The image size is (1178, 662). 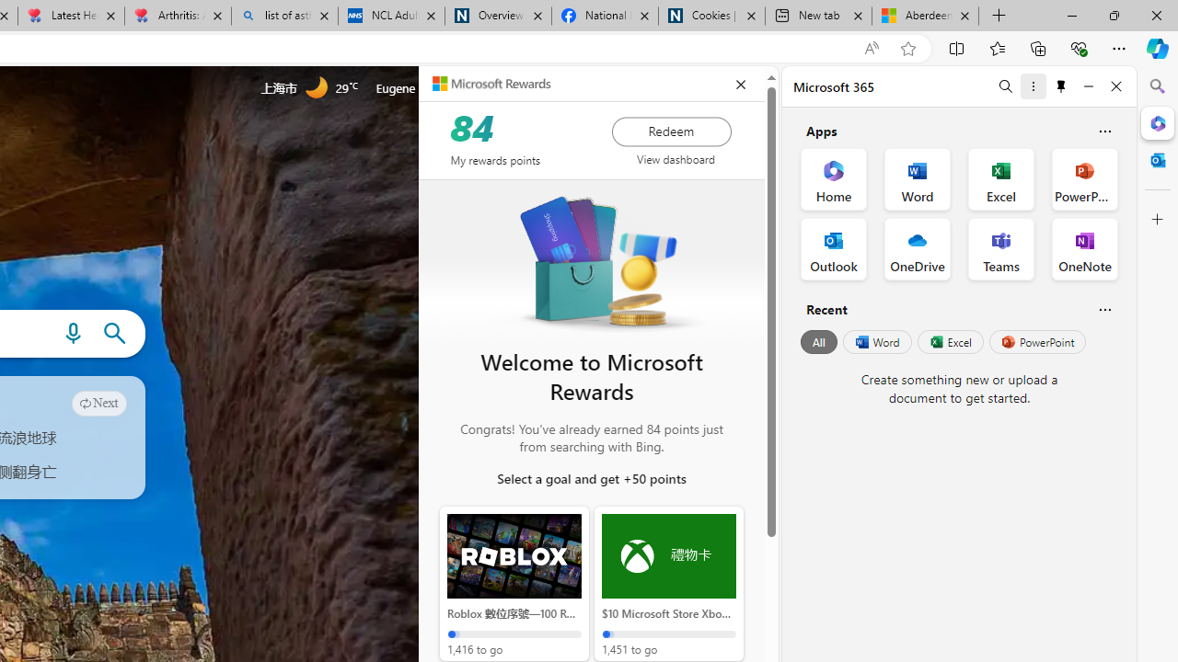 I want to click on 'Outlook Office App', so click(x=833, y=249).